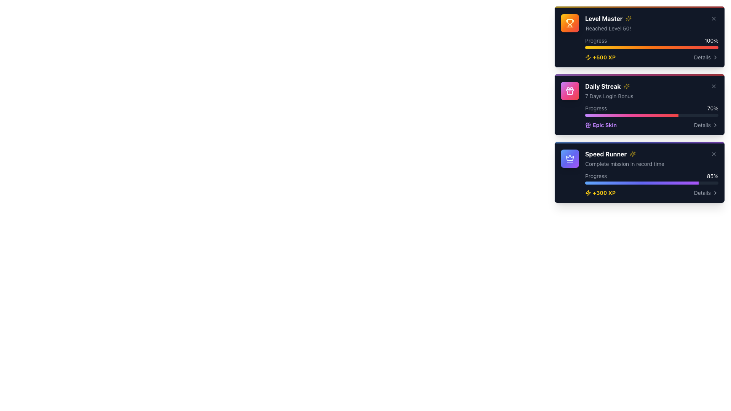 The height and width of the screenshot is (411, 731). I want to click on the button located at the bottom-right corner of the third box in a vertical list, which provides additional information about the 'Speed Runner' mission to trigger a style change, so click(705, 192).